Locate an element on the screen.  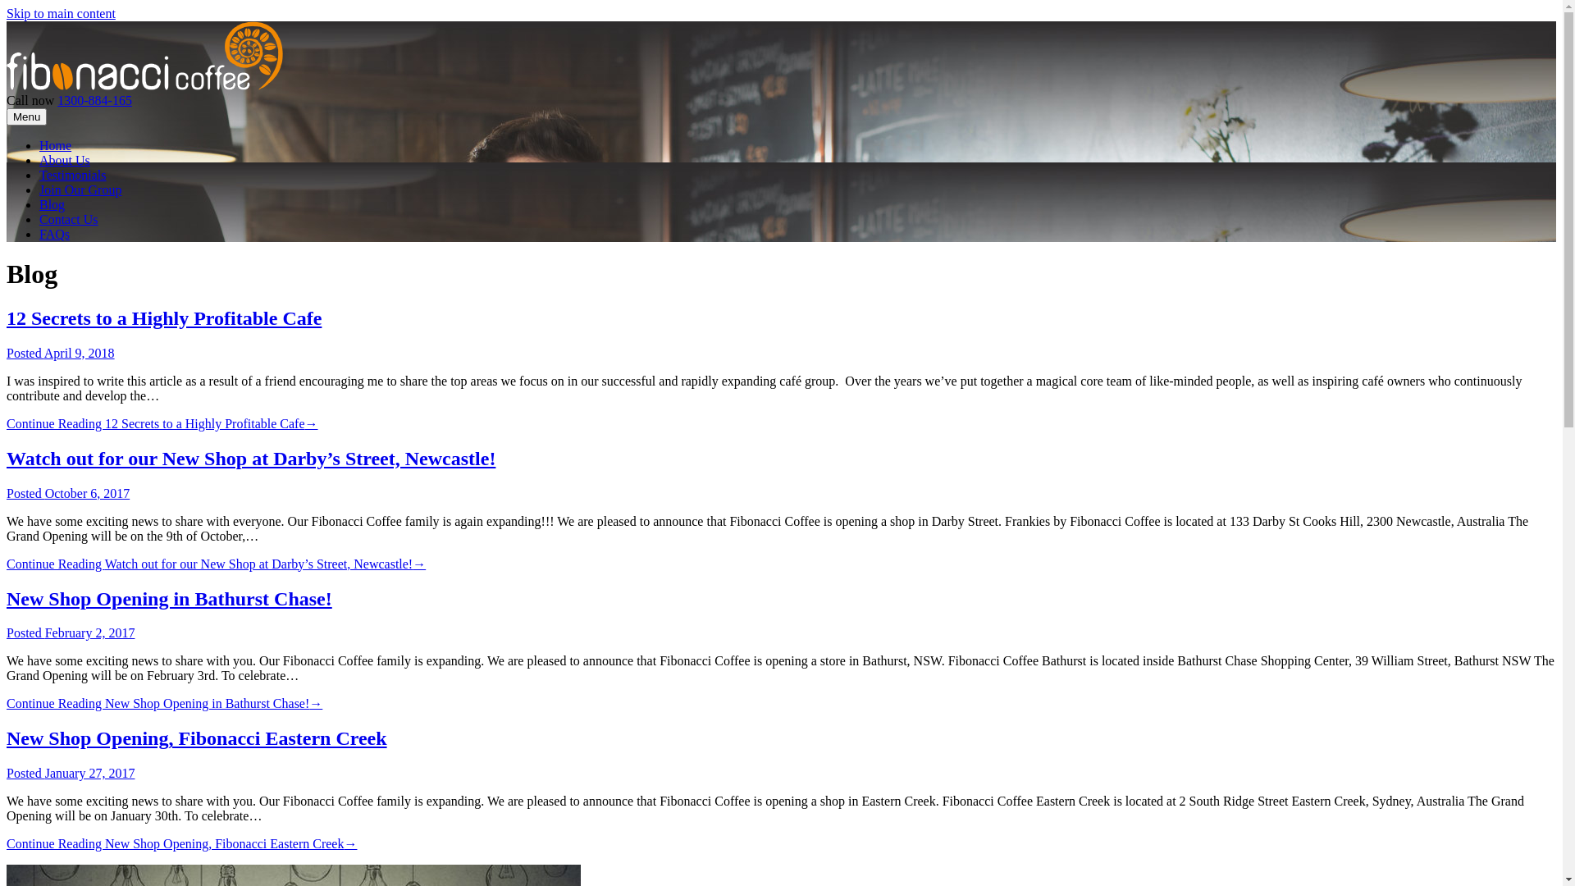
'Skip to main content' is located at coordinates (7, 13).